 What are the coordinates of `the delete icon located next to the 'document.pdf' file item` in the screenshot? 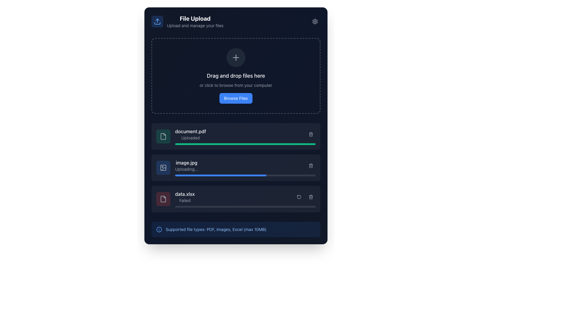 It's located at (310, 134).